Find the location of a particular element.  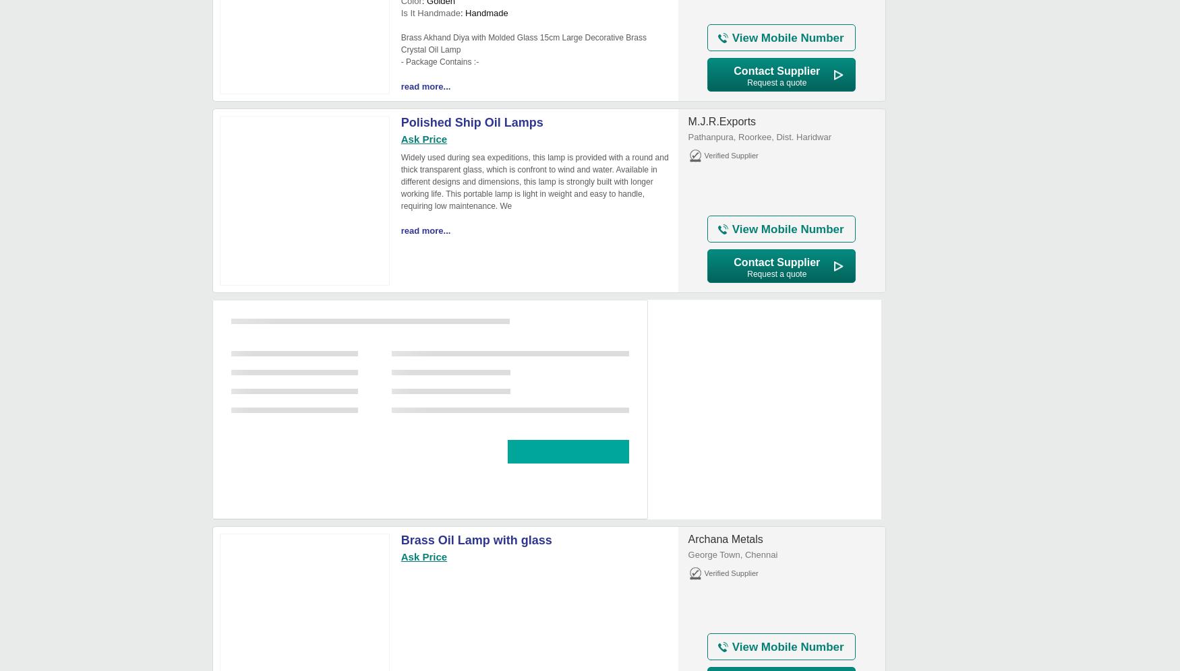

'Polished Ship Oil Lamps' is located at coordinates (471, 122).